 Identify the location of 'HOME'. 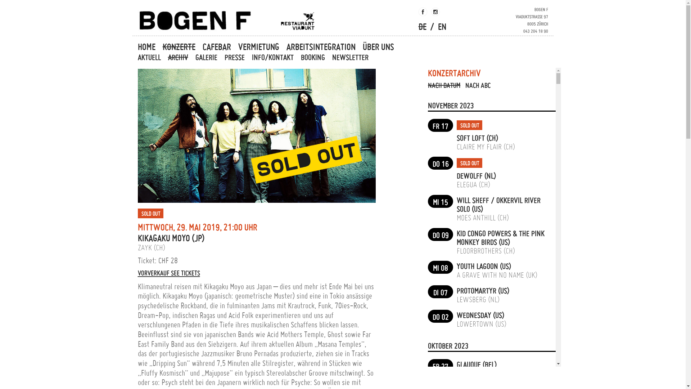
(136, 47).